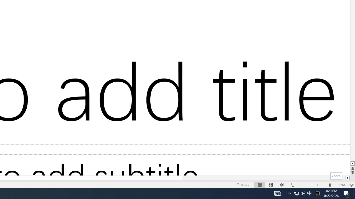  What do you see at coordinates (242, 185) in the screenshot?
I see `'Notes '` at bounding box center [242, 185].